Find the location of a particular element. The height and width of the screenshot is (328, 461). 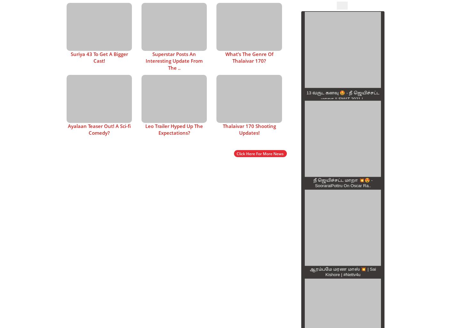

'Click Here For More News' is located at coordinates (236, 153).